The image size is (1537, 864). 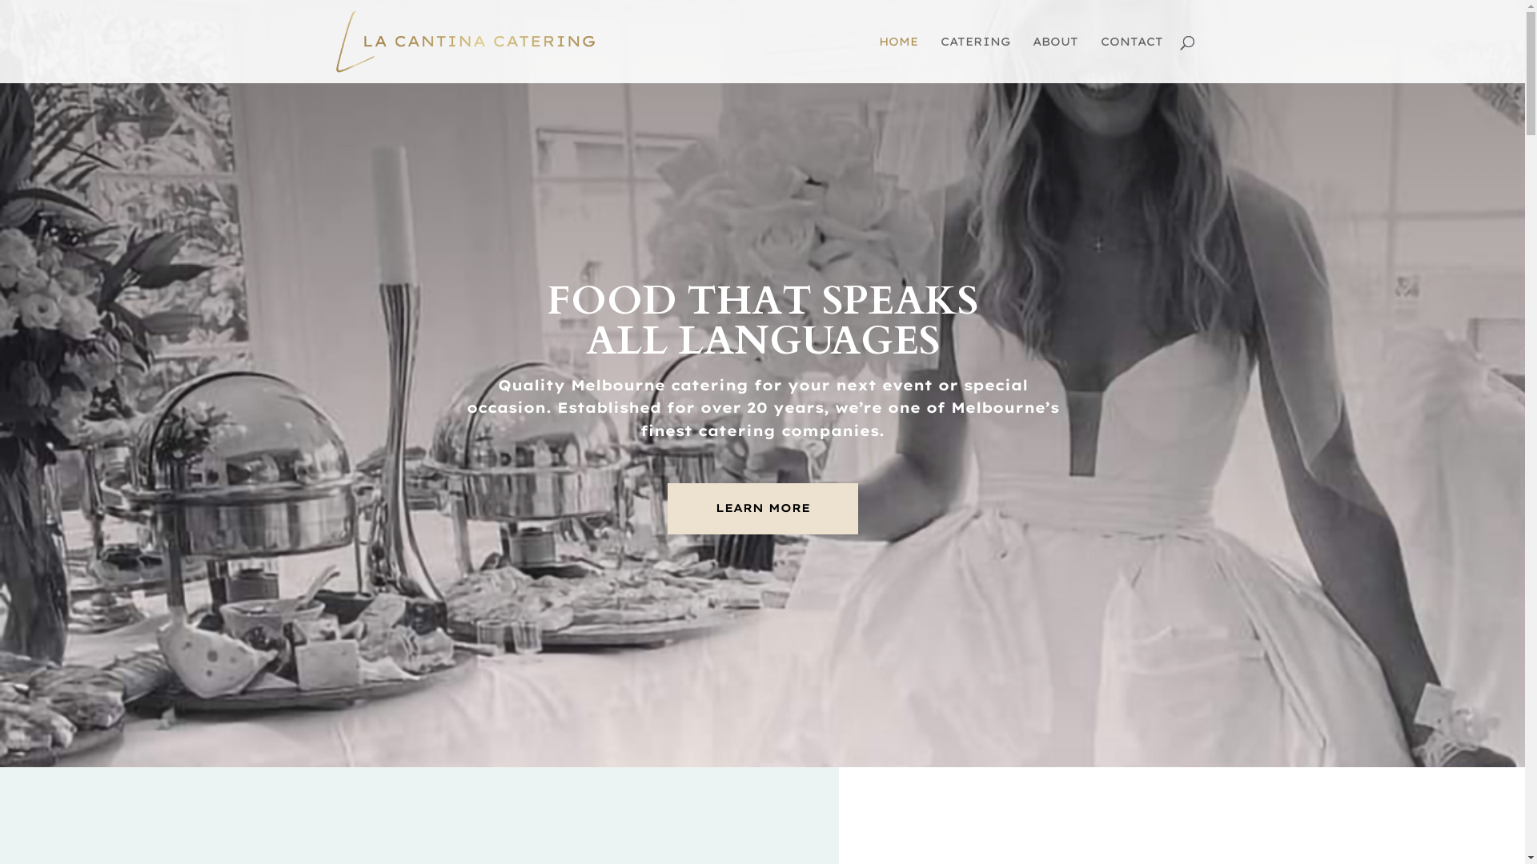 I want to click on 'HOME', so click(x=898, y=58).